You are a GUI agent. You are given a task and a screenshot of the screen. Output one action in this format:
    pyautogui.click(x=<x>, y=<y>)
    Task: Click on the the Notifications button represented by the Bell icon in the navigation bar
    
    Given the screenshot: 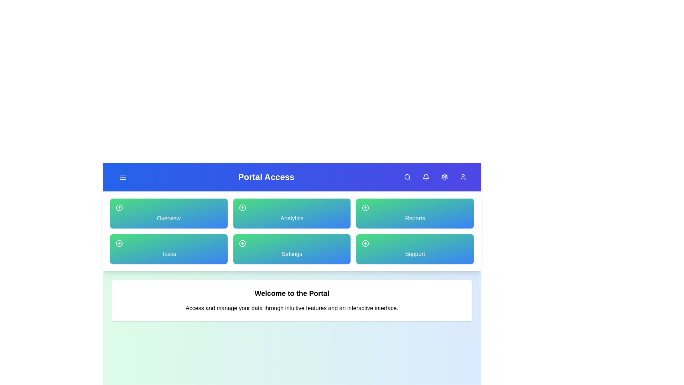 What is the action you would take?
    pyautogui.click(x=426, y=177)
    